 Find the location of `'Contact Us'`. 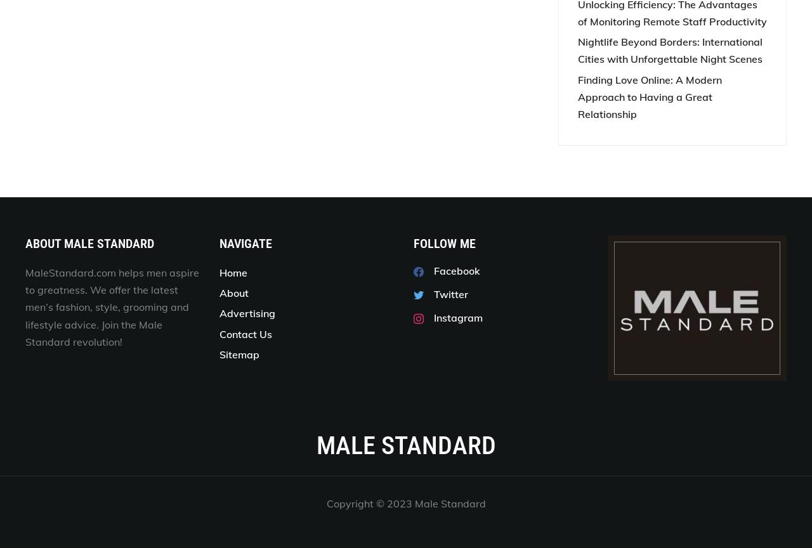

'Contact Us' is located at coordinates (219, 334).